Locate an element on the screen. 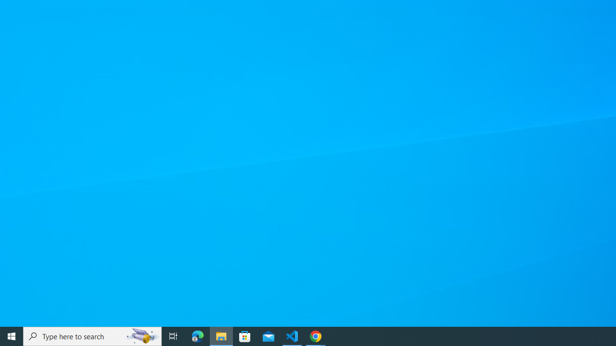  'Microsoft Store' is located at coordinates (245, 335).